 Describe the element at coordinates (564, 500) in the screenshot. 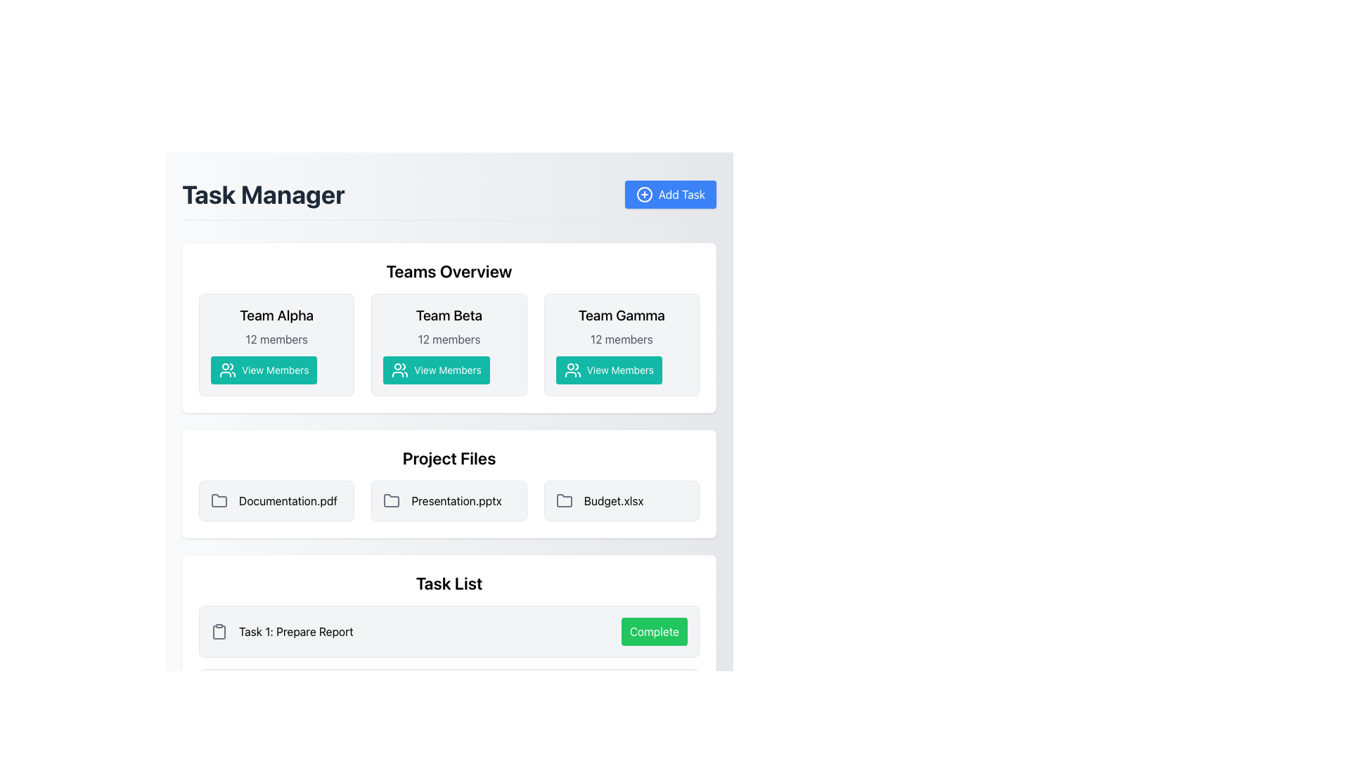

I see `the small folder icon with a gray outline located under the 'Project Files' section` at that location.